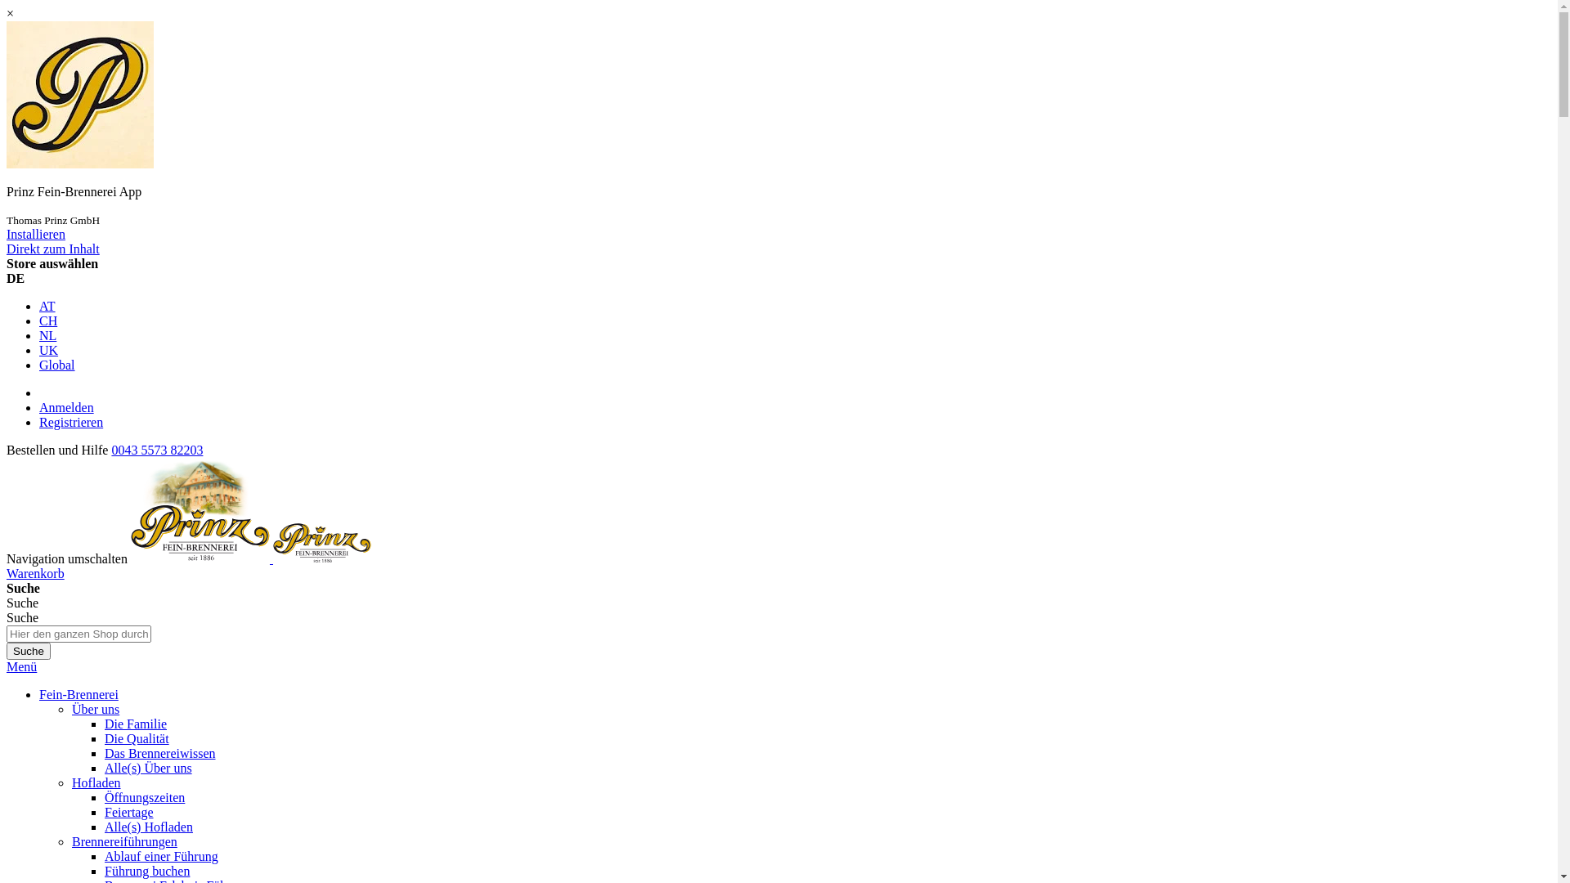 Image resolution: width=1570 pixels, height=883 pixels. Describe the element at coordinates (35, 572) in the screenshot. I see `'Warenkorb'` at that location.